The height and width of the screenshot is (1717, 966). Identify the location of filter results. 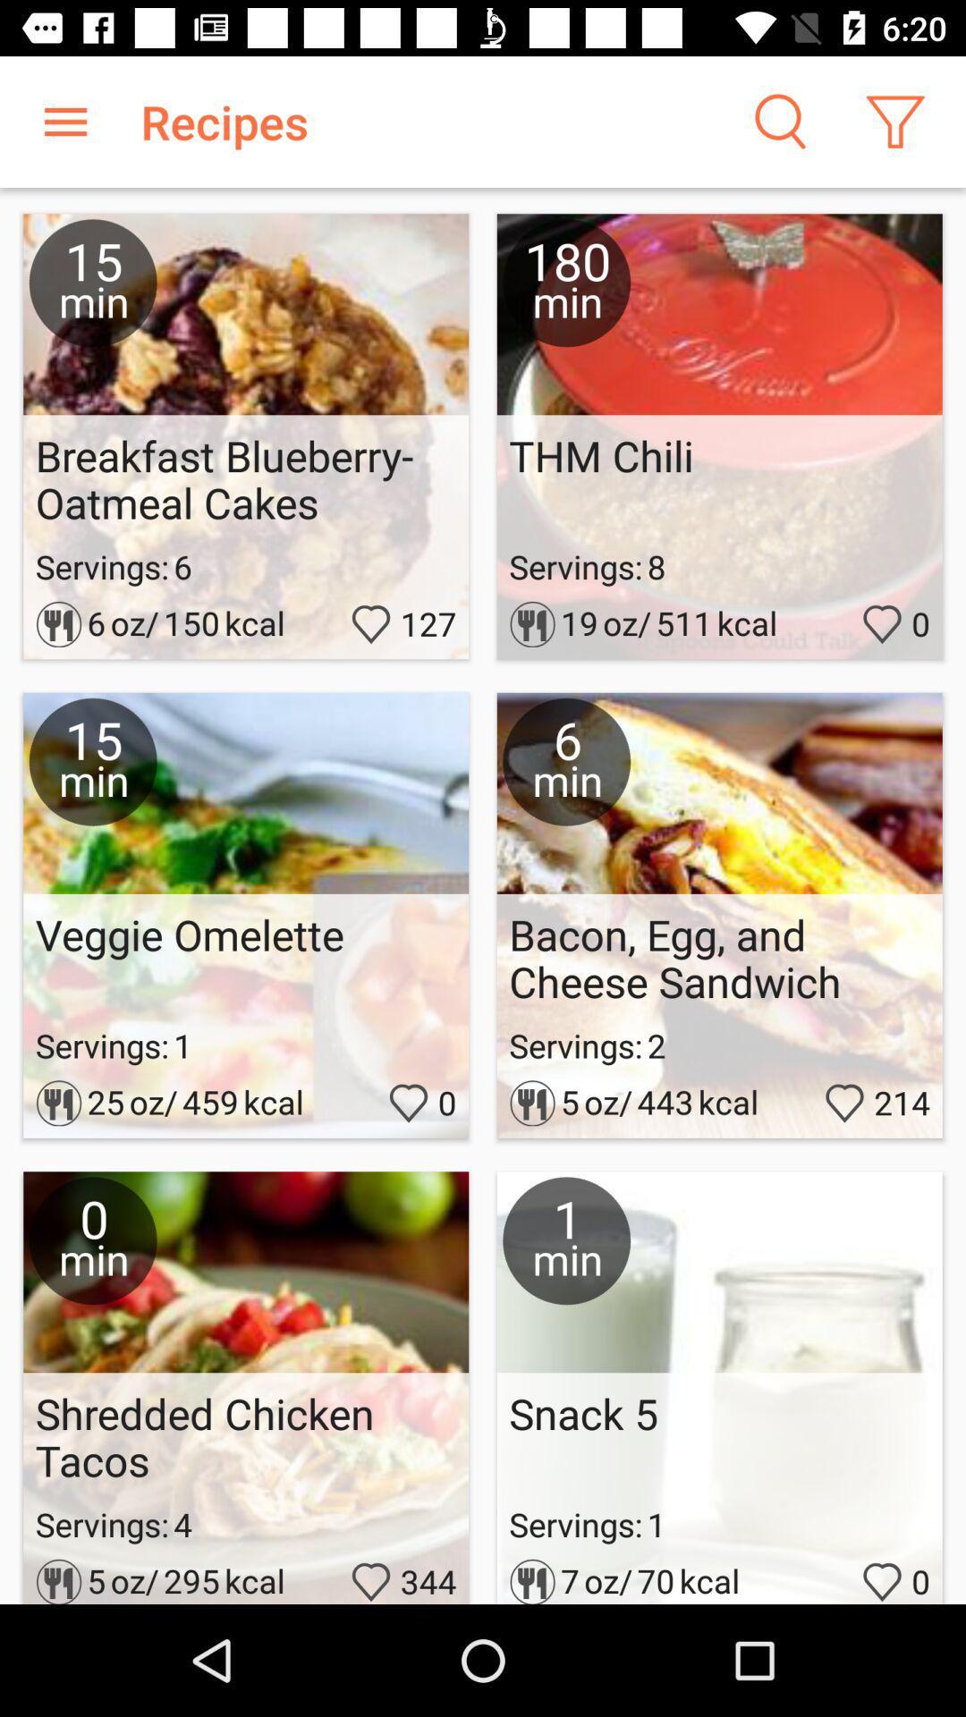
(895, 121).